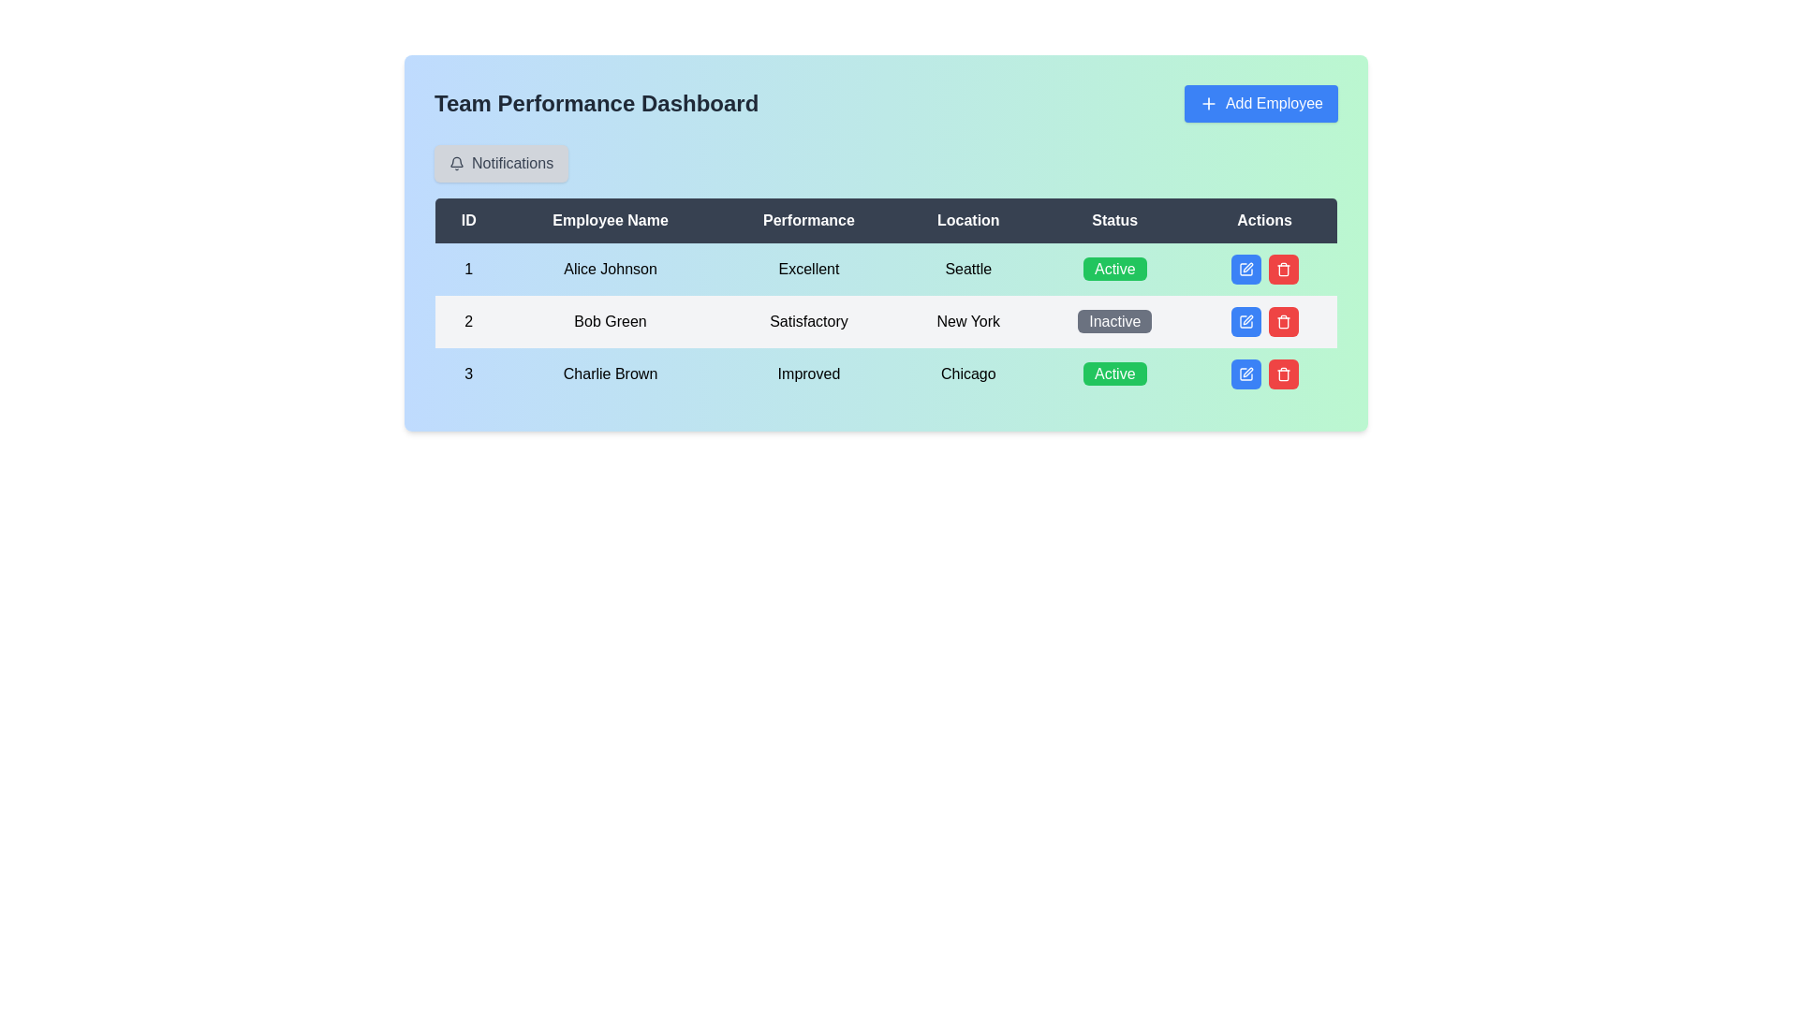 This screenshot has width=1798, height=1011. Describe the element at coordinates (468, 219) in the screenshot. I see `the 'ID' column header in the table, which indicates unique identifiers and is positioned immediately to the left of the 'Employee Name' header` at that location.